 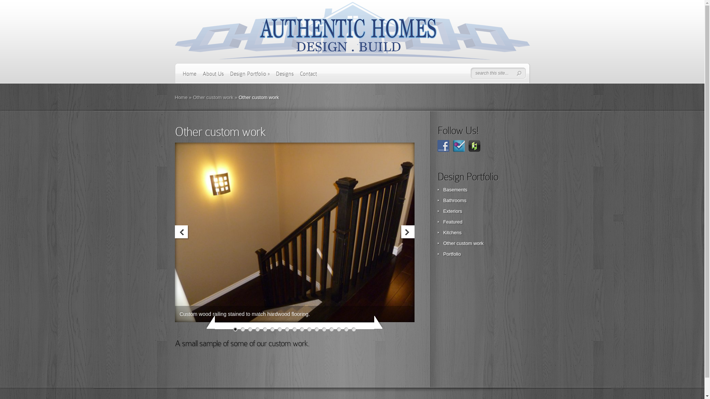 What do you see at coordinates (189, 76) in the screenshot?
I see `'Home'` at bounding box center [189, 76].